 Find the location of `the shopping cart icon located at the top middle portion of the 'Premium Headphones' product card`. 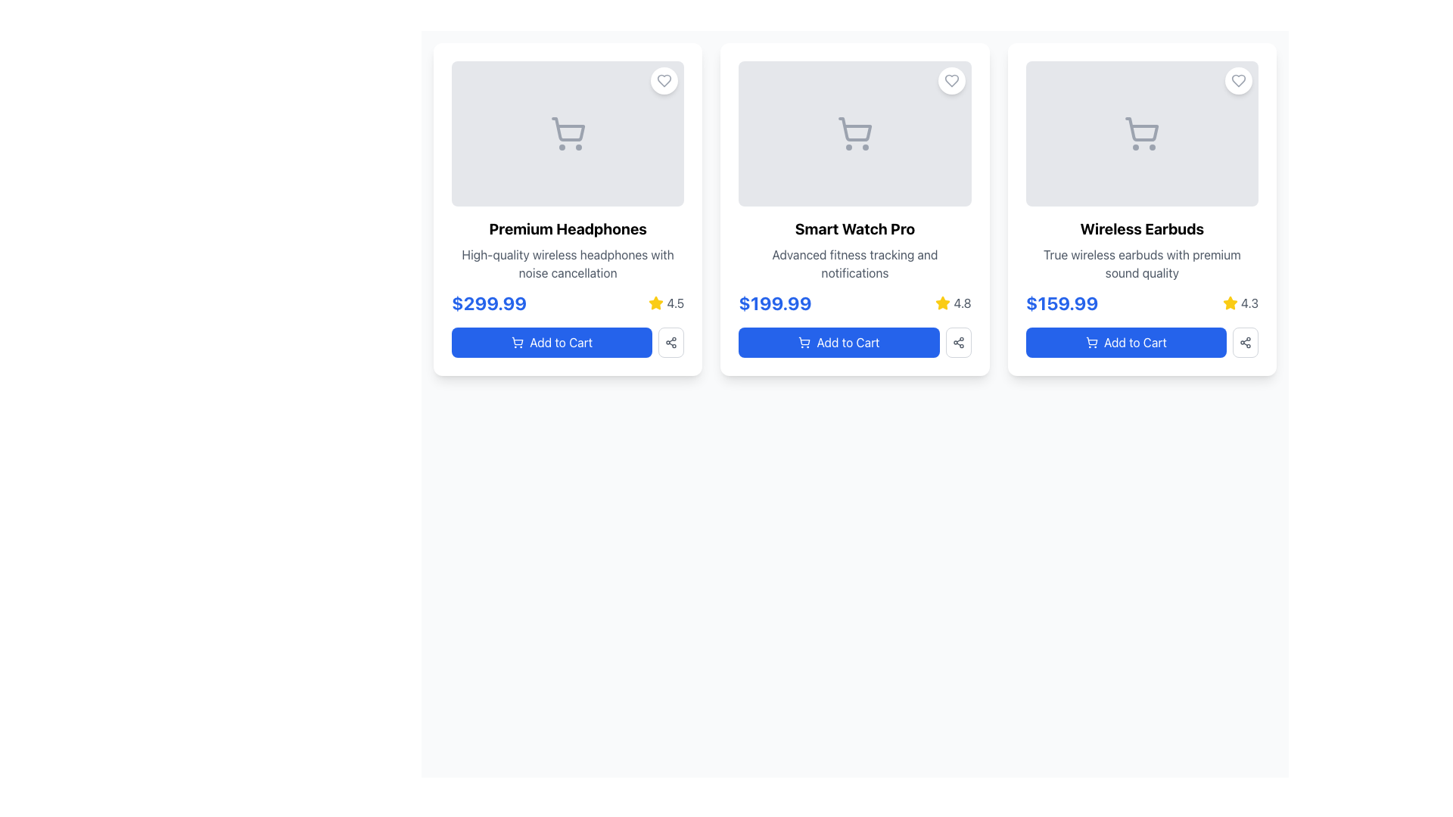

the shopping cart icon located at the top middle portion of the 'Premium Headphones' product card is located at coordinates (567, 129).